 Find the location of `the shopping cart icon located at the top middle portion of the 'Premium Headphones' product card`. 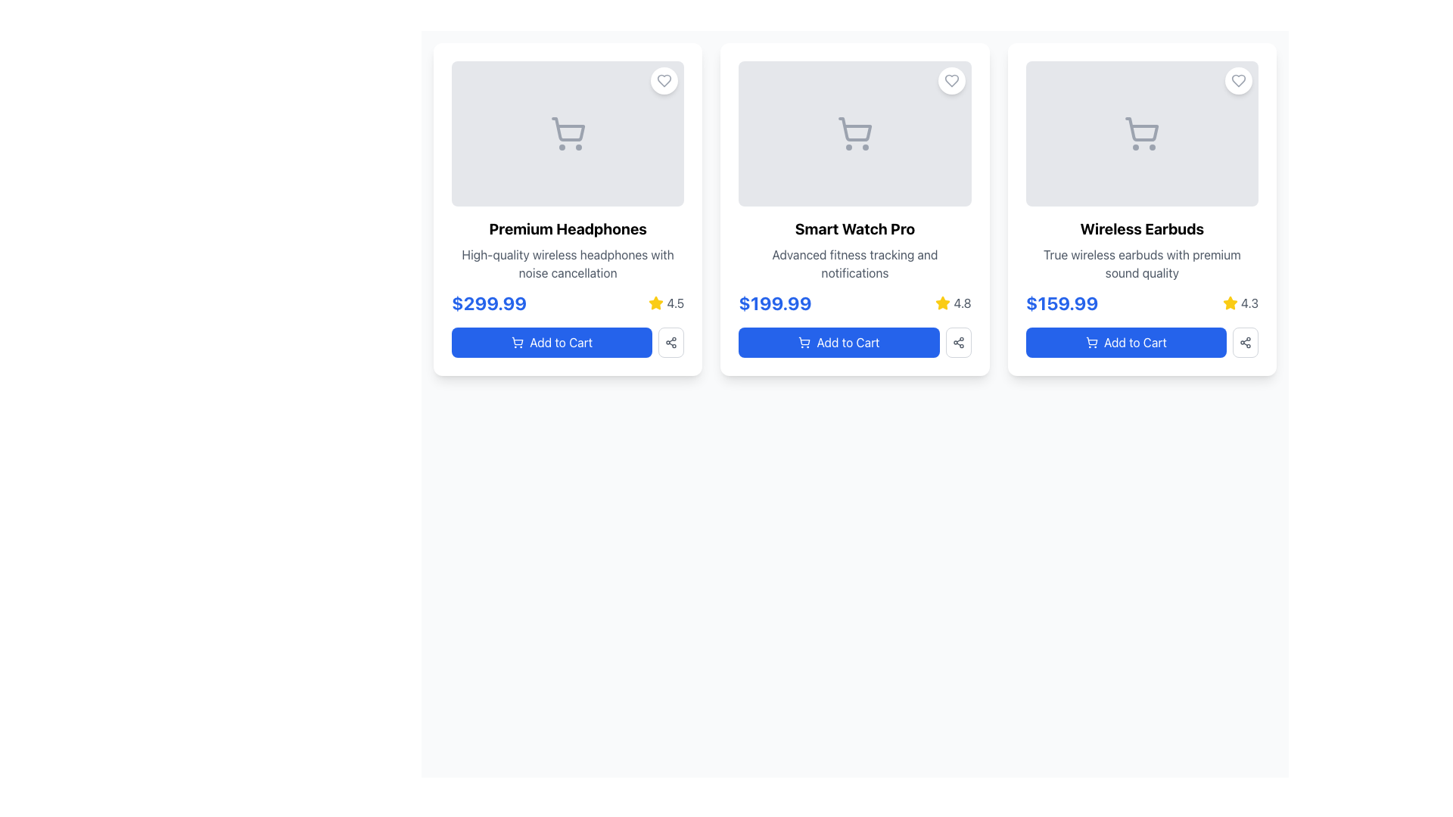

the shopping cart icon located at the top middle portion of the 'Premium Headphones' product card is located at coordinates (567, 129).